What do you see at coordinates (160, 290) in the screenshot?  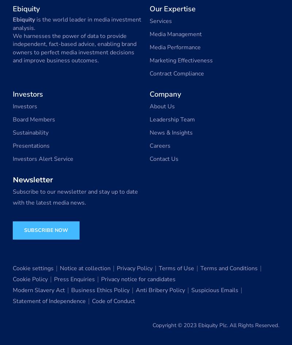 I see `'Anti Bribery Policy'` at bounding box center [160, 290].